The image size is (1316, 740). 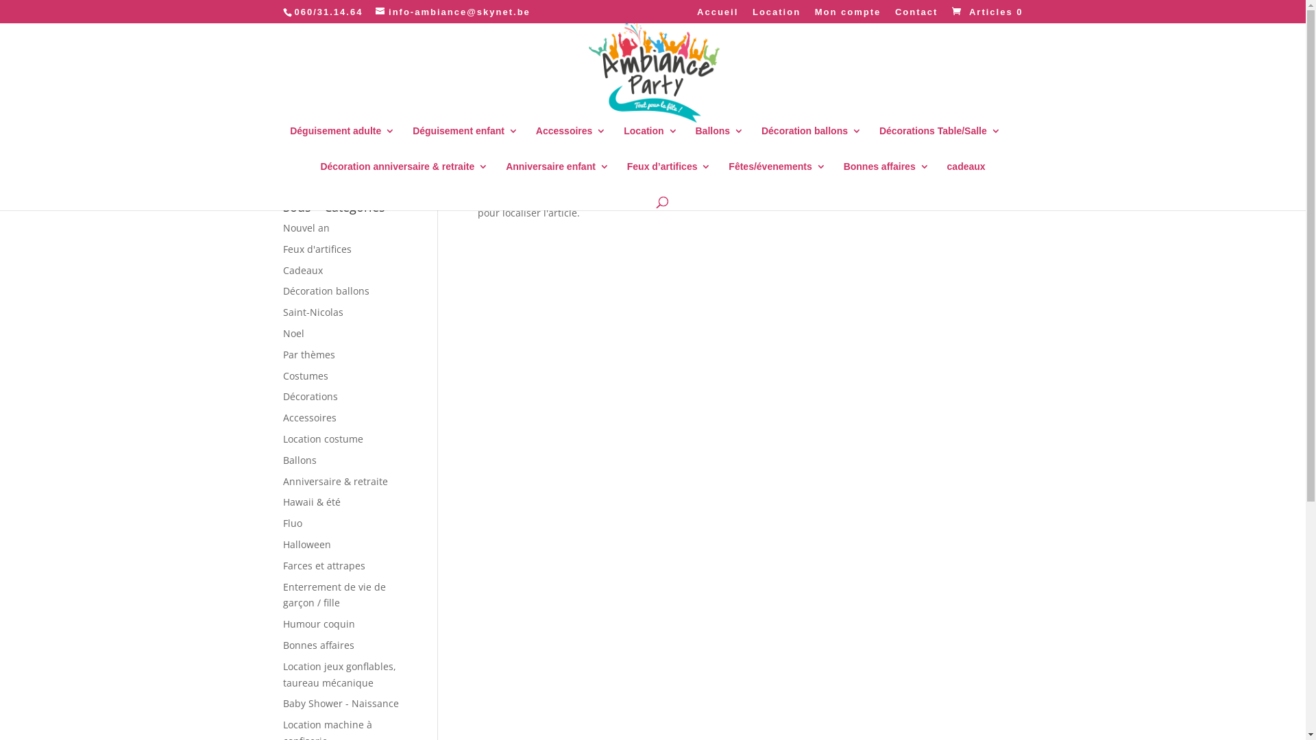 What do you see at coordinates (317, 624) in the screenshot?
I see `'Humour coquin'` at bounding box center [317, 624].